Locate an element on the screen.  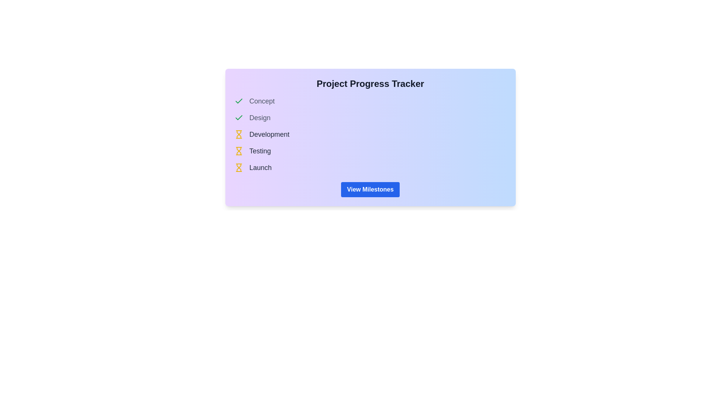
the text label that denotes a milestone or stage in the process tracker, located at the left side of the interface near the top of the progress list, positioned immediately to the right of a green checkmark icon is located at coordinates (262, 100).